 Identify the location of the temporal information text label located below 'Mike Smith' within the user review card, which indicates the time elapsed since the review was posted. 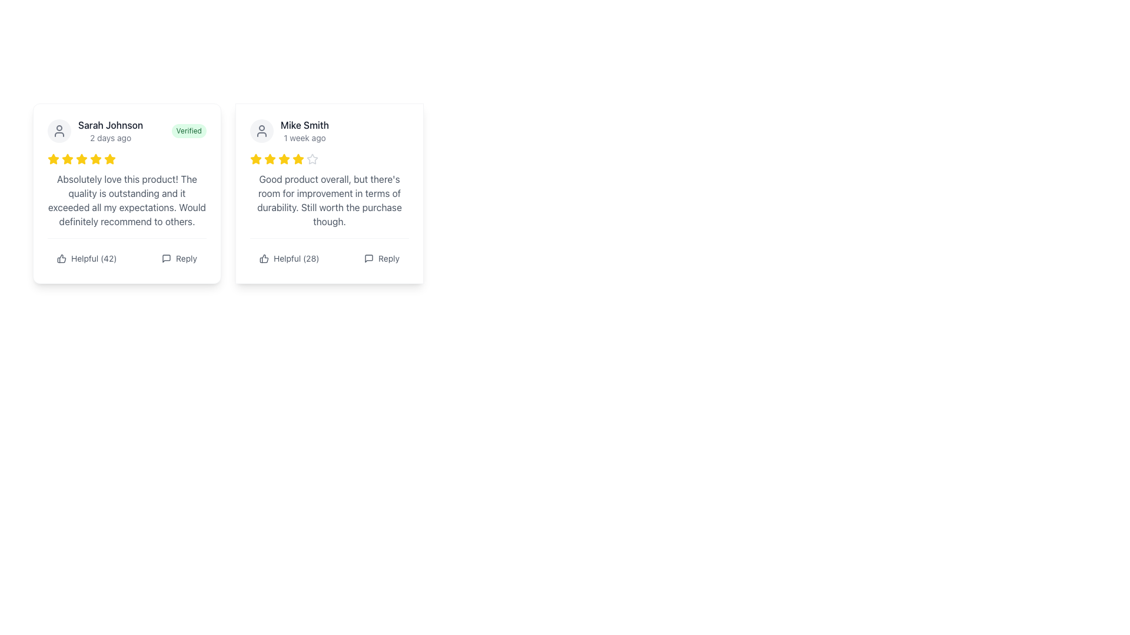
(305, 138).